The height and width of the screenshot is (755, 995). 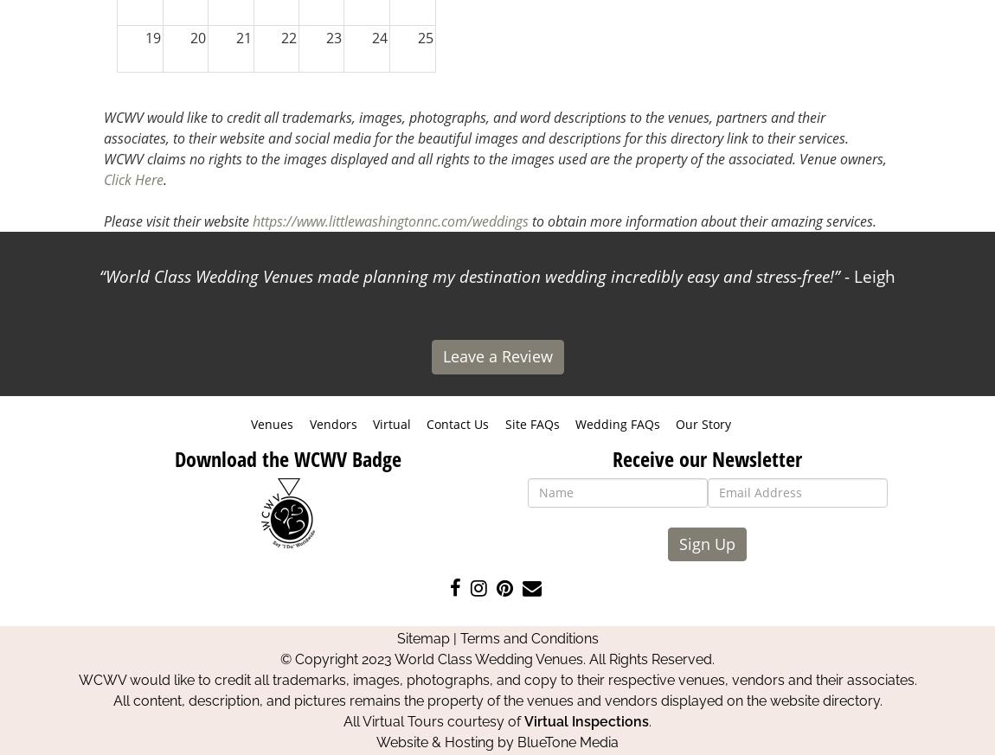 I want to click on 'Virtual Inspections', so click(x=586, y=721).